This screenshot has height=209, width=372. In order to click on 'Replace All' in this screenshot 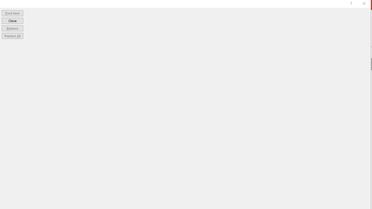, I will do `click(12, 36)`.